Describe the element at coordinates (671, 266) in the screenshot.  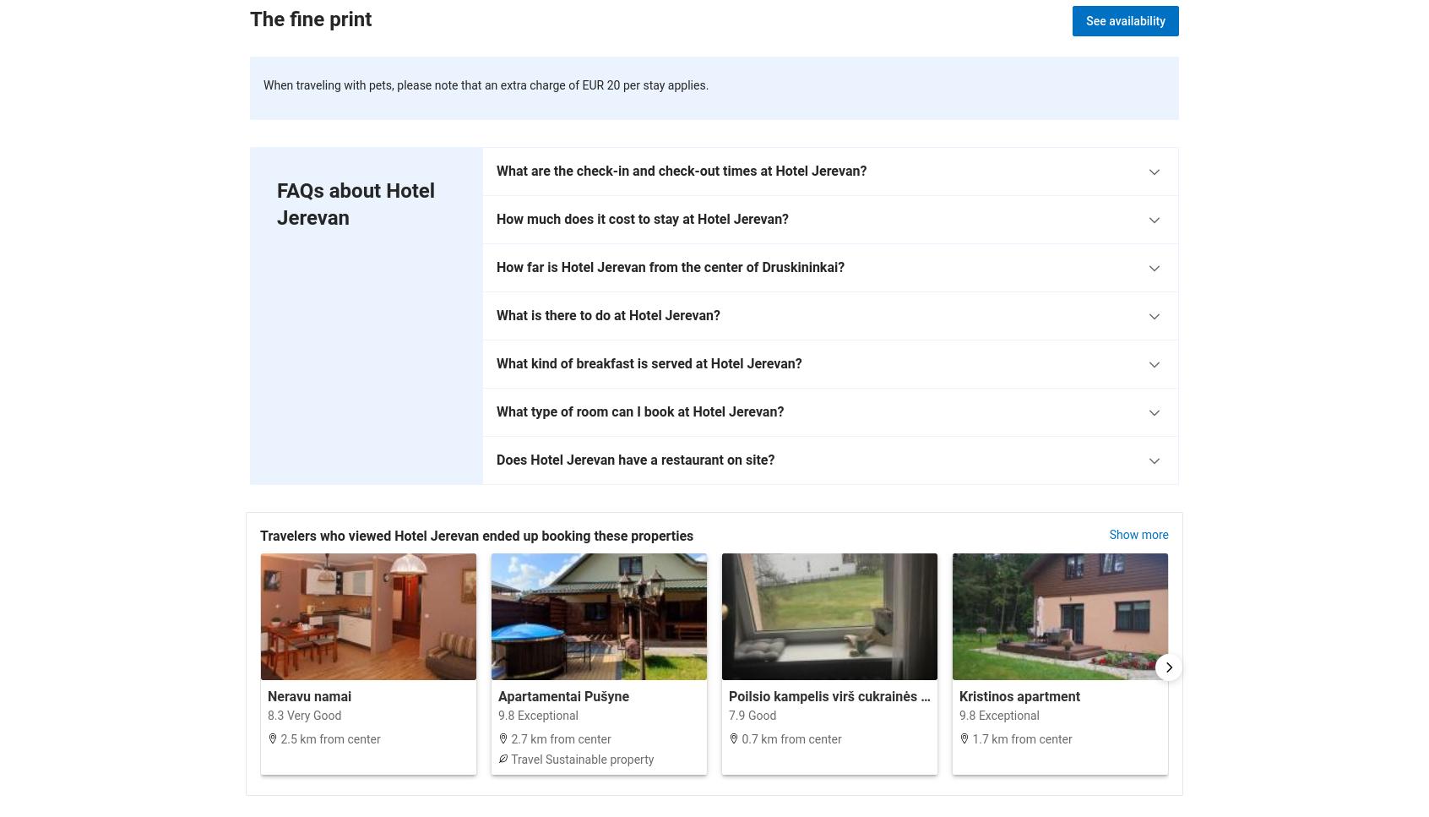
I see `'How far is Hotel Jerevan from the center of Druskininkai?'` at that location.